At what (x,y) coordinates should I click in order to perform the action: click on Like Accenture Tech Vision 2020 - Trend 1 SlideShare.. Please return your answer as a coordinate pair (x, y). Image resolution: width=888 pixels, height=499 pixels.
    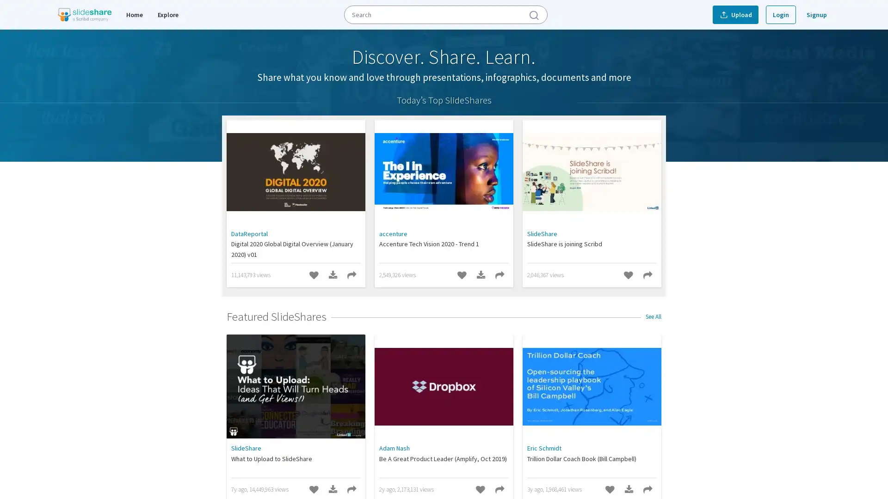
    Looking at the image, I should click on (462, 274).